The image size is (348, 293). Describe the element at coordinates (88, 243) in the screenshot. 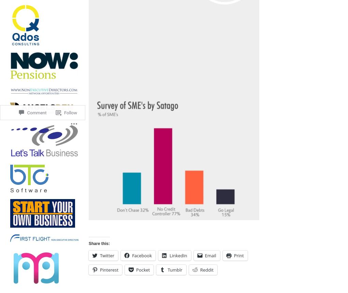

I see `'Share this:'` at that location.